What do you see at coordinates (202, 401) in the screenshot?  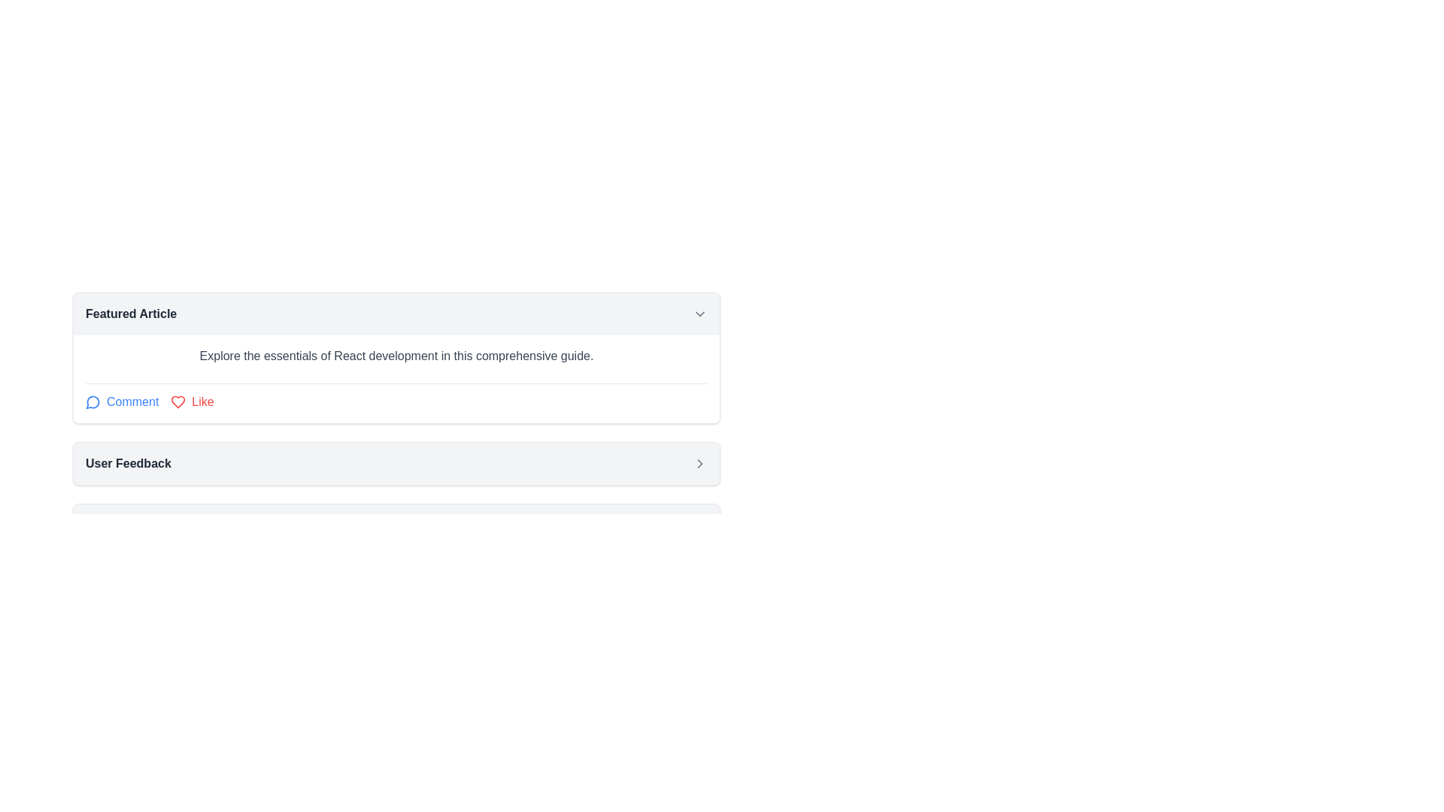 I see `the 'Like' Text Label that indicates the functionality of the heart icon next to it, located beneath the featured article section` at bounding box center [202, 401].